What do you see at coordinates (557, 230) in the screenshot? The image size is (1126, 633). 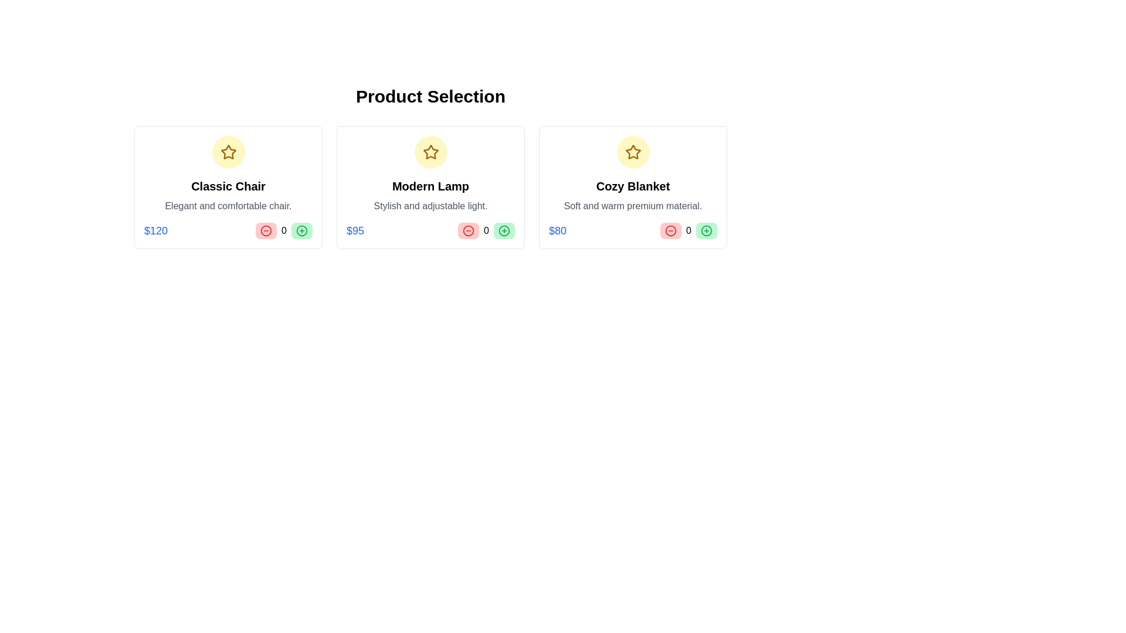 I see `the text display showing '$80' in blue font located under the 'Cozy Blanket' product card` at bounding box center [557, 230].